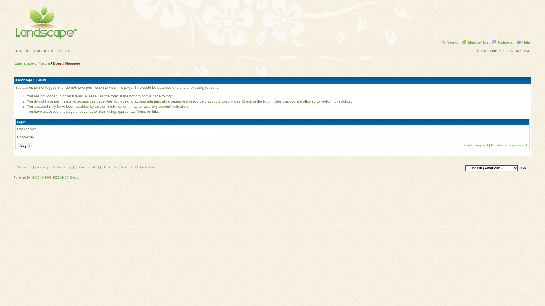 The height and width of the screenshot is (306, 545). Describe the element at coordinates (143, 167) in the screenshot. I see `'RSS Syndication'` at that location.